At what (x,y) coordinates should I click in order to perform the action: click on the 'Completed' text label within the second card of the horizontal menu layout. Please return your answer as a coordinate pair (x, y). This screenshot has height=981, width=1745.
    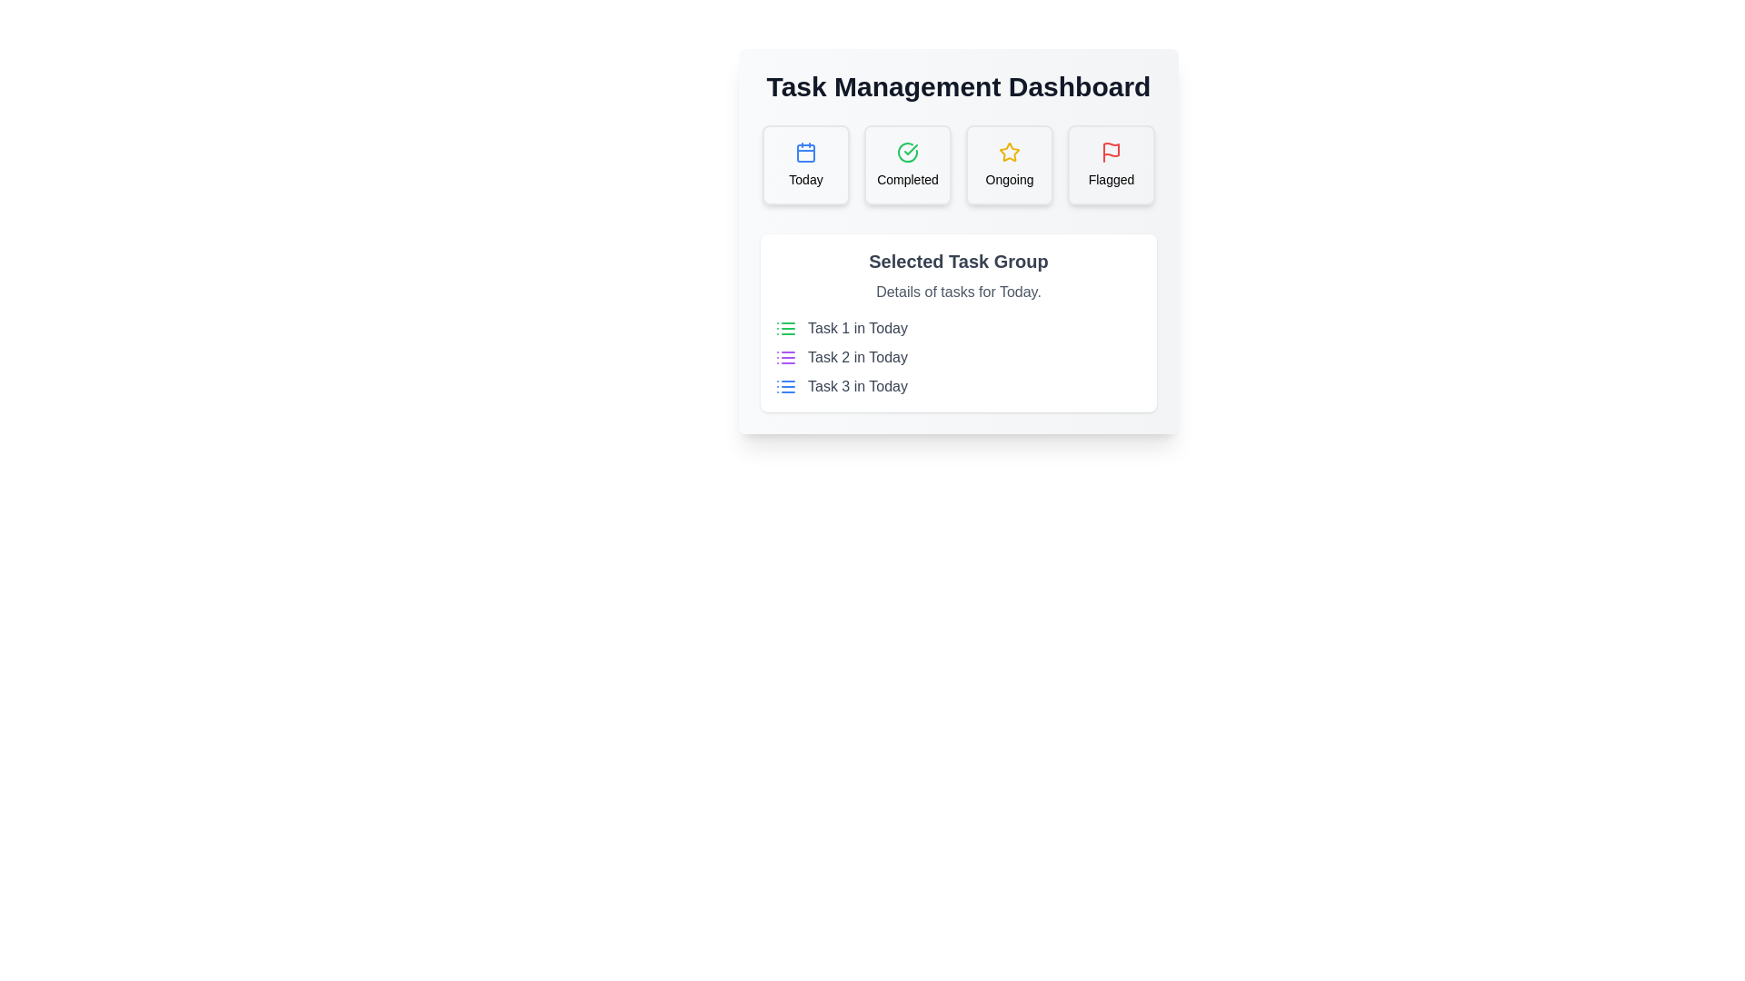
    Looking at the image, I should click on (907, 179).